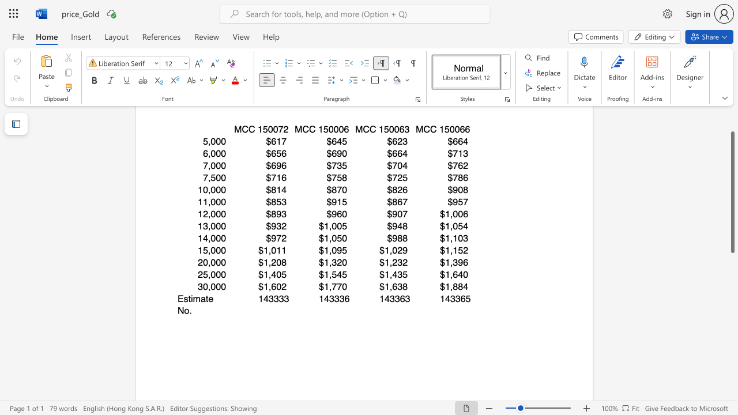 Image resolution: width=738 pixels, height=415 pixels. I want to click on the scrollbar and move down 70 pixels, so click(732, 192).